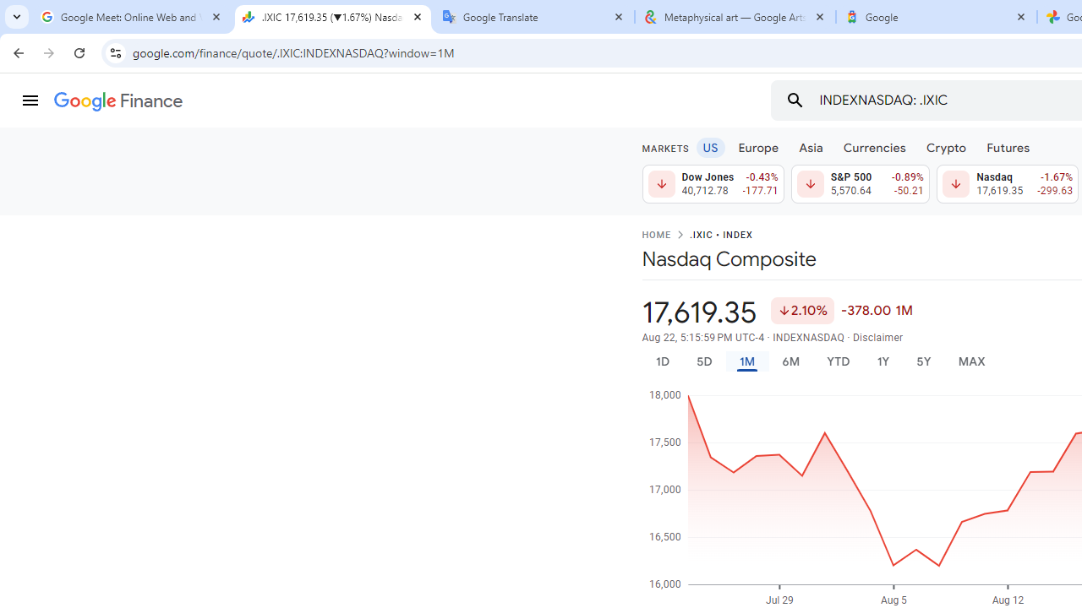  What do you see at coordinates (860, 184) in the screenshot?
I see `'S&P 500 5,570.64 Down by 0.89% -50.21'` at bounding box center [860, 184].